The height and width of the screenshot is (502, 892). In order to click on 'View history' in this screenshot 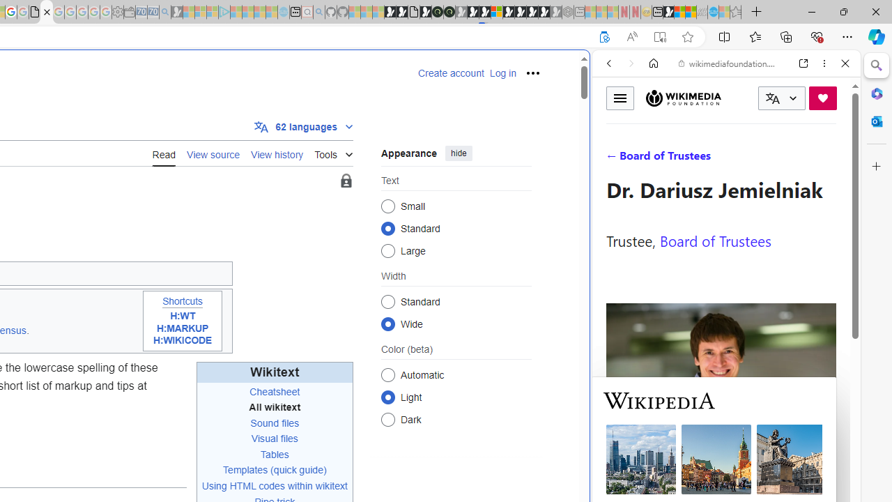, I will do `click(277, 153)`.